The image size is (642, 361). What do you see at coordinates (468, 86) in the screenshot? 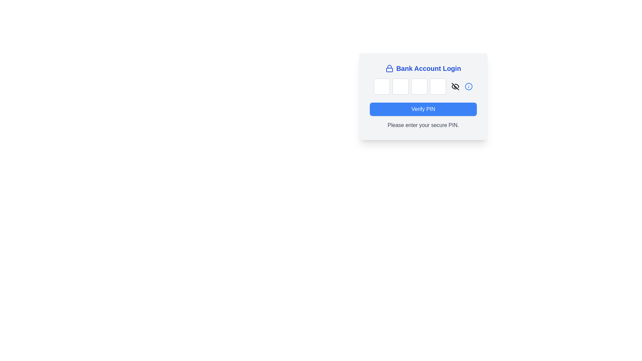
I see `the Icon button located at the far-right end of the PIN entry section` at bounding box center [468, 86].